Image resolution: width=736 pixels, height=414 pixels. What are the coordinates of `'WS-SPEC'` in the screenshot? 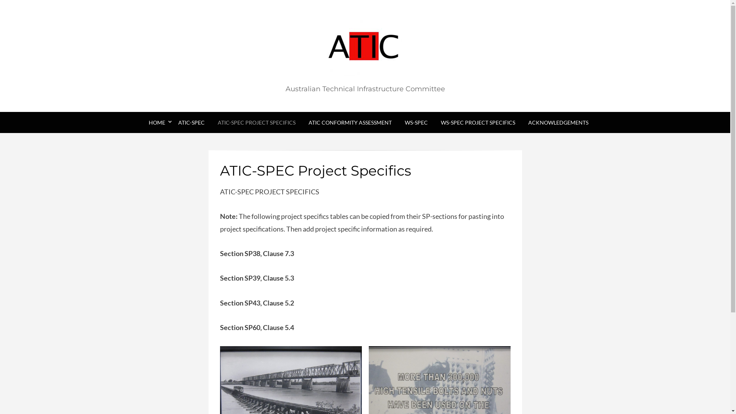 It's located at (415, 122).